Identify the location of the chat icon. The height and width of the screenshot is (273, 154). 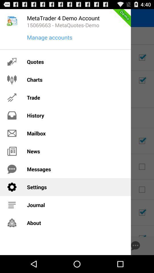
(135, 263).